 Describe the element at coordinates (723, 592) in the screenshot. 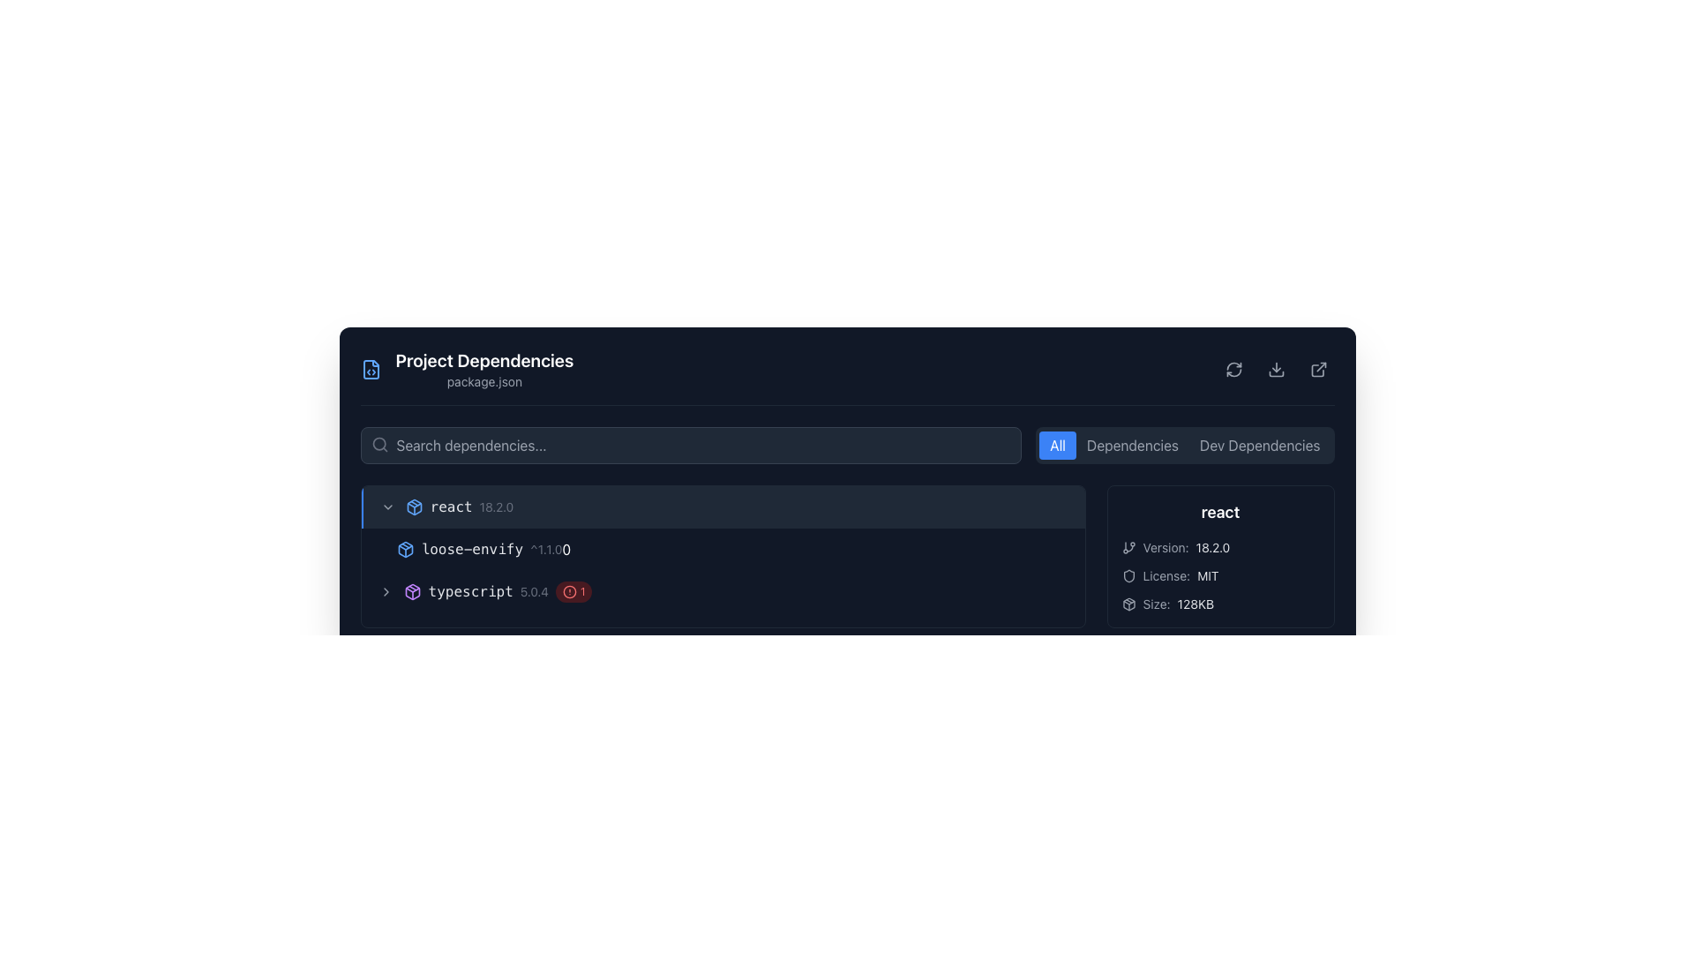

I see `the third row list item representing a TypeScript package` at that location.